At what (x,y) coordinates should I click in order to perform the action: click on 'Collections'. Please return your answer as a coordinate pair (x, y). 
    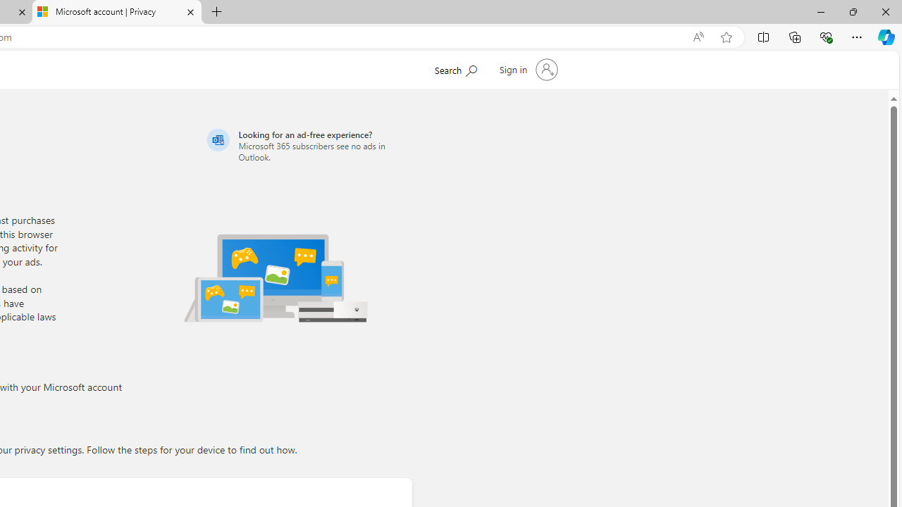
    Looking at the image, I should click on (795, 36).